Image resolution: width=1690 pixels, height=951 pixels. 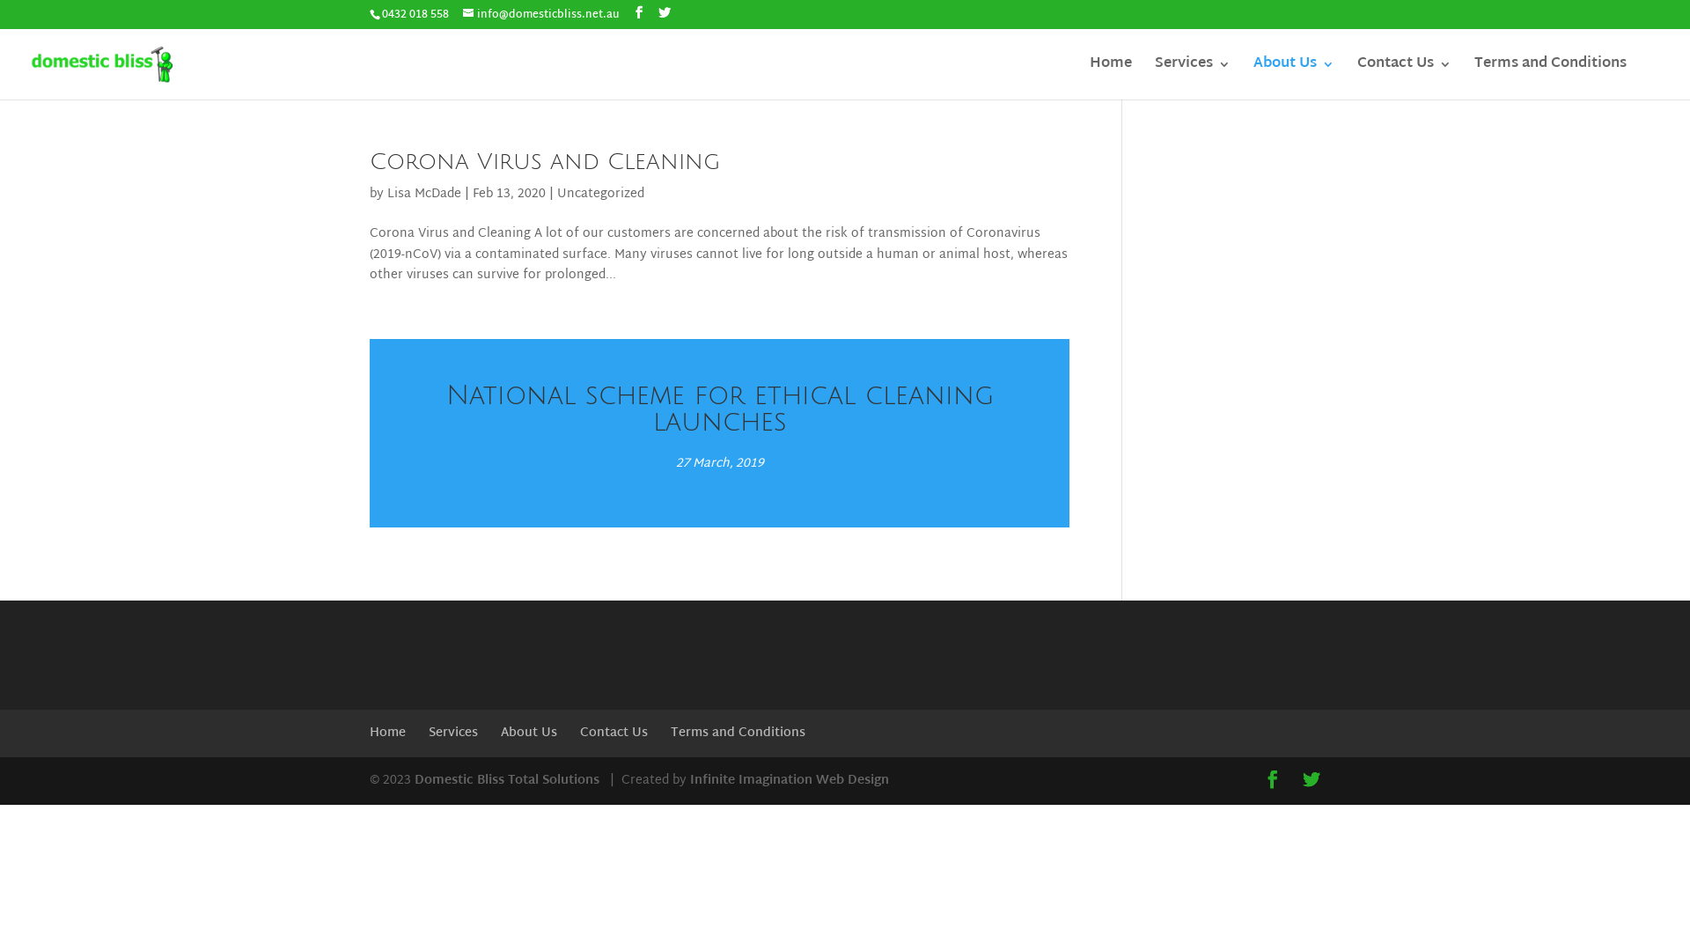 What do you see at coordinates (369, 733) in the screenshot?
I see `'Home'` at bounding box center [369, 733].